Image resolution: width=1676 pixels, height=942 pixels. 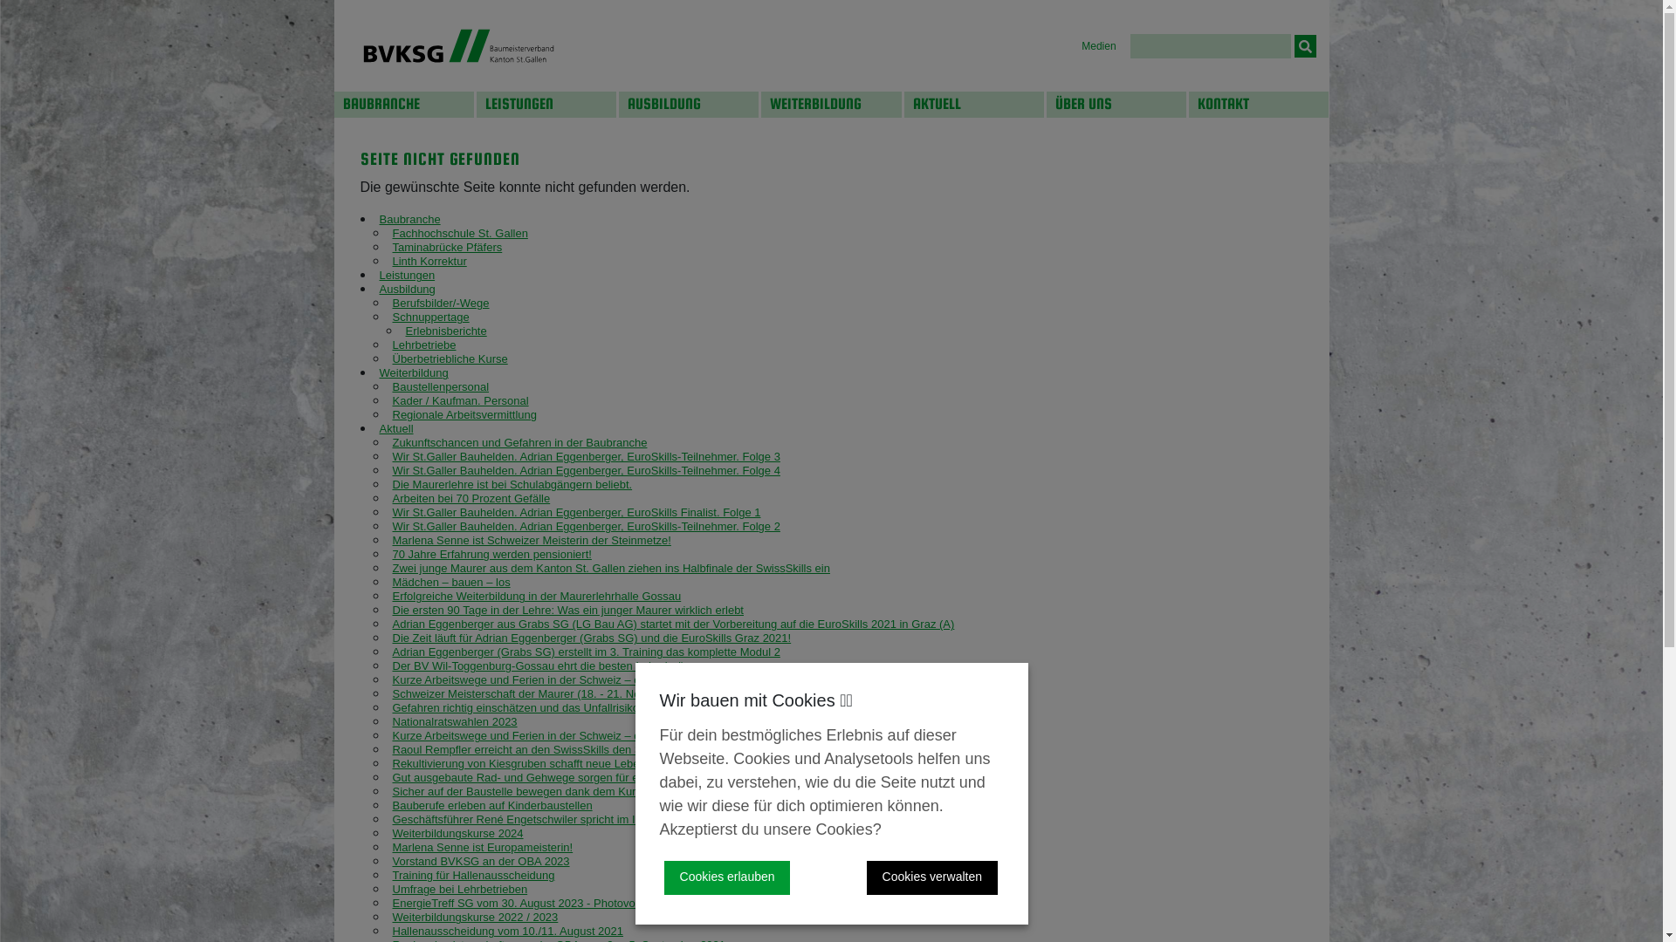 What do you see at coordinates (536, 595) in the screenshot?
I see `'Erfolgreiche Weiterbildung in der Maurerlehrhalle Gossau'` at bounding box center [536, 595].